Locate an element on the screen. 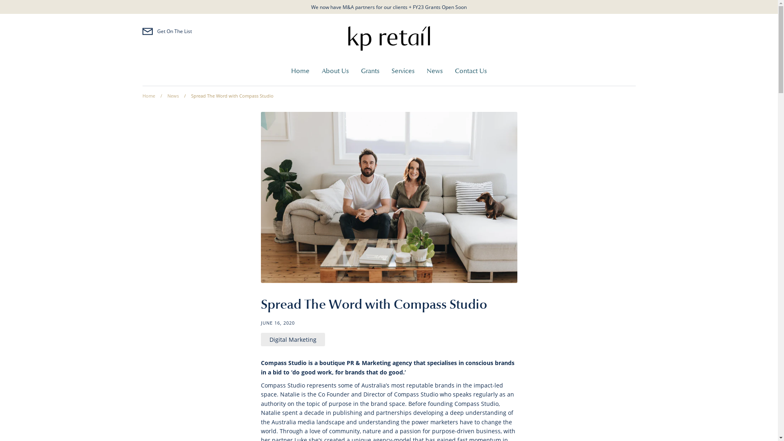  'Digital Marketing' is located at coordinates (293, 339).